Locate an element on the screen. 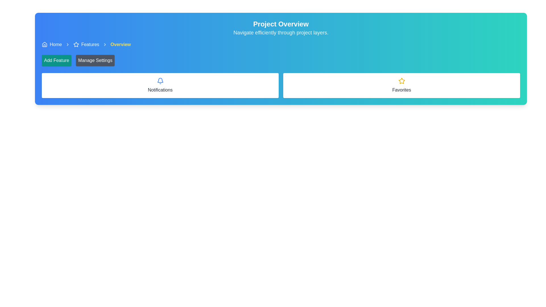 The image size is (546, 307). the yellow 'Overview' text in the breadcrumb navigation bar, located at the rightmost end, following the 'Features' text link is located at coordinates (120, 44).